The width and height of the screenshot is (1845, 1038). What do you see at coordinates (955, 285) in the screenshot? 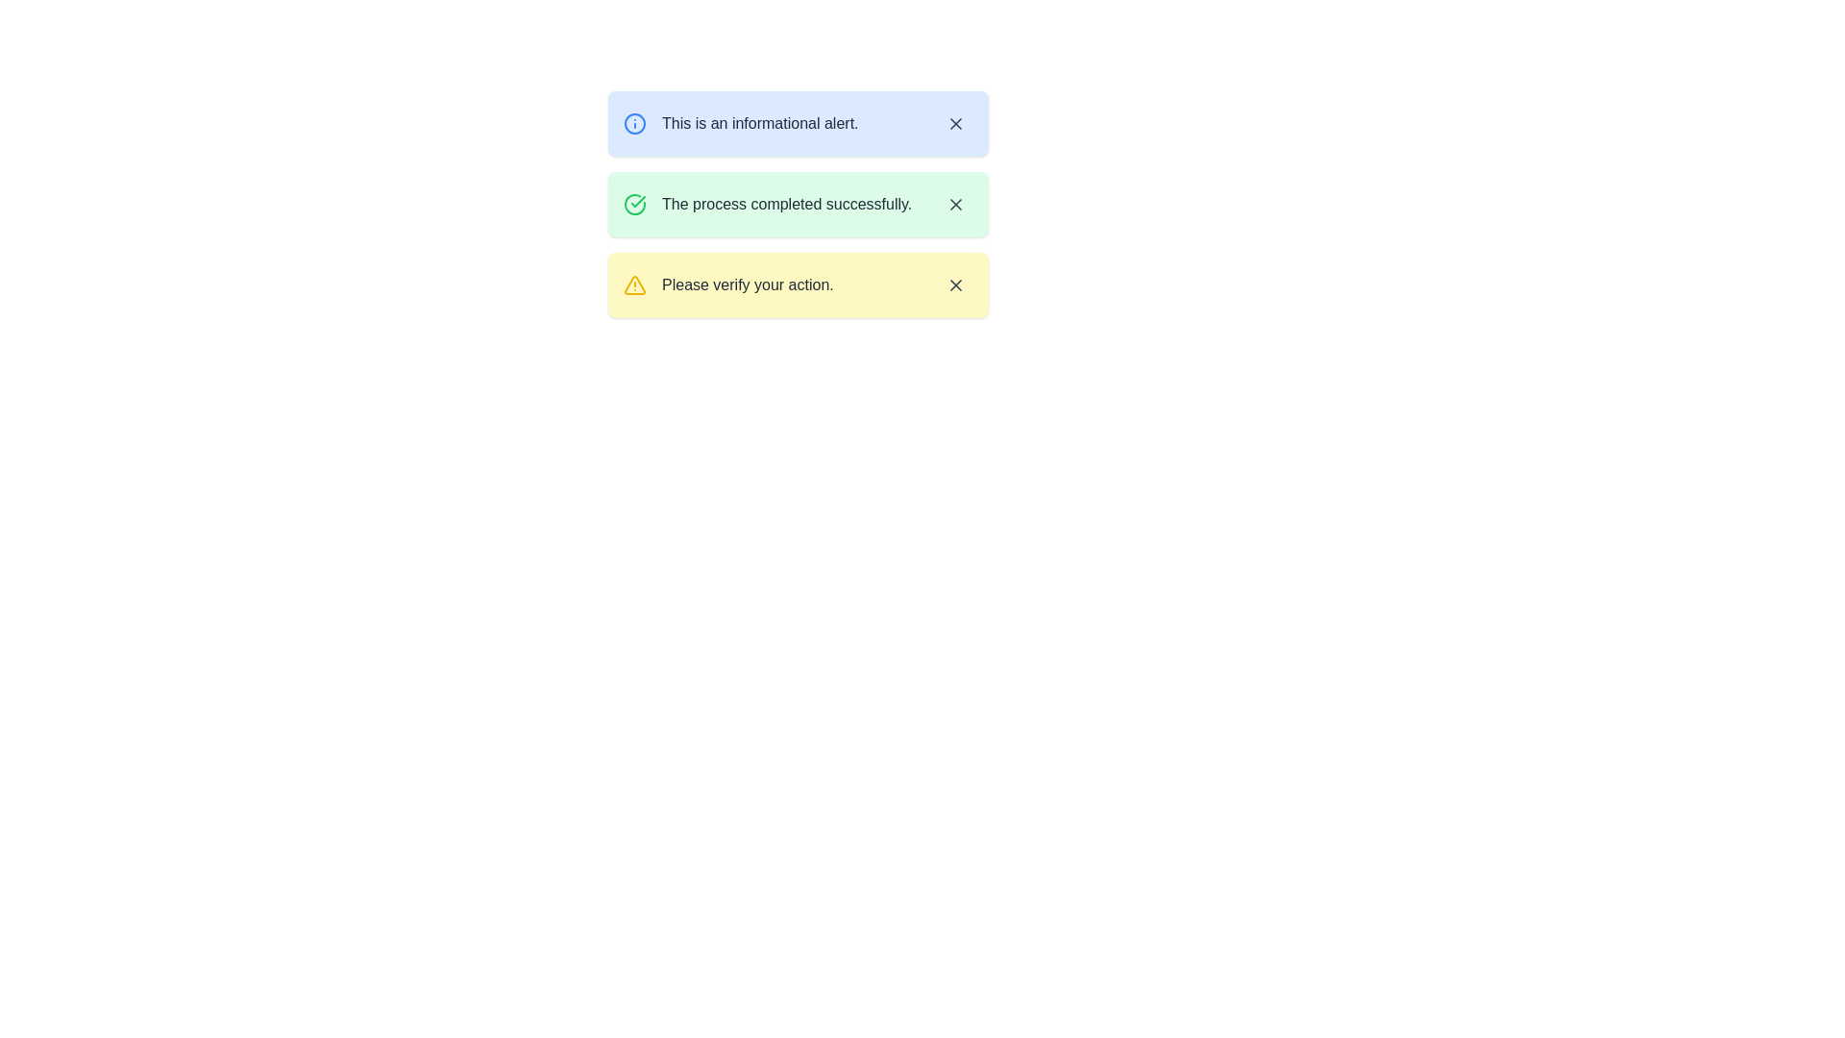
I see `the close button located at the far right of the yellow warning banner that dismisses the warning message` at bounding box center [955, 285].